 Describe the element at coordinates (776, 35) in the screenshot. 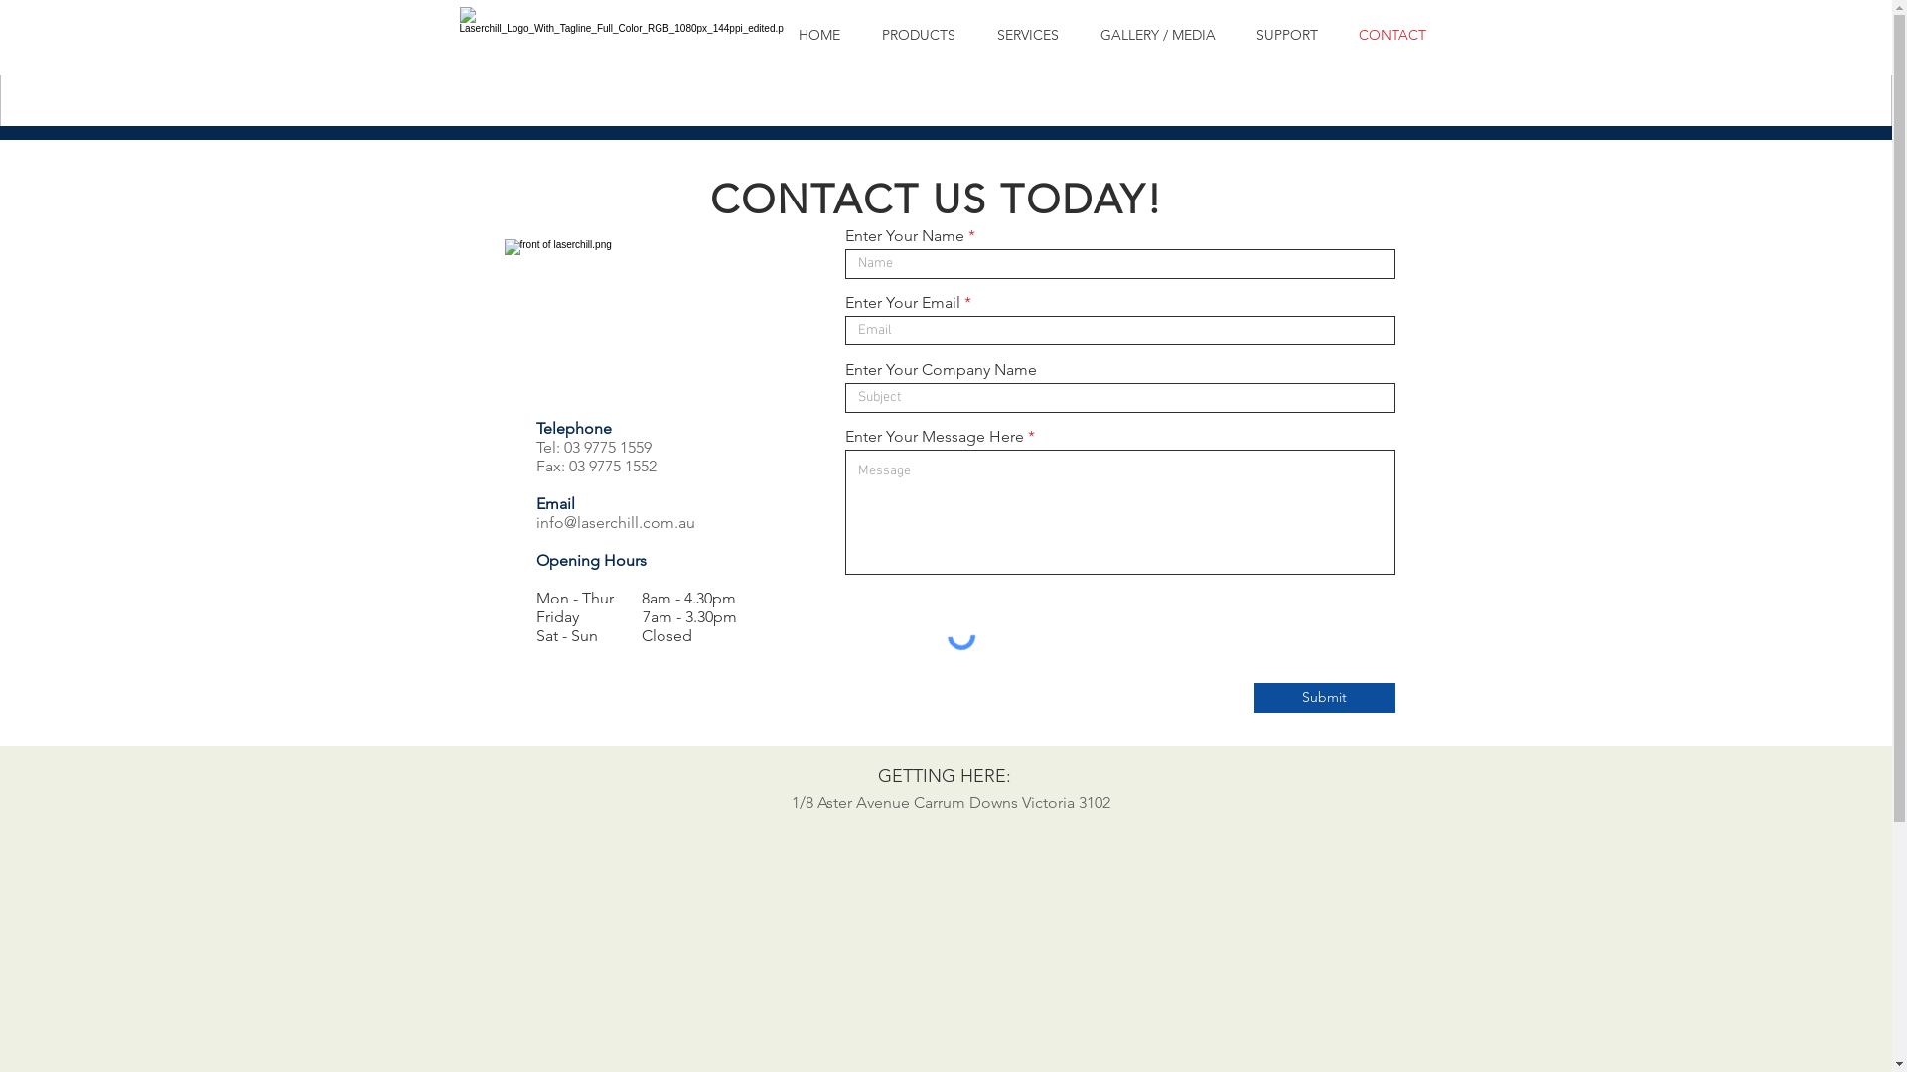

I see `'HOME'` at that location.